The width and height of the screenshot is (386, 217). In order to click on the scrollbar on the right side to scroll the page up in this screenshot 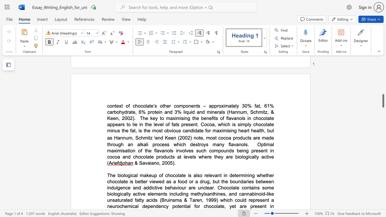, I will do `click(383, 75)`.